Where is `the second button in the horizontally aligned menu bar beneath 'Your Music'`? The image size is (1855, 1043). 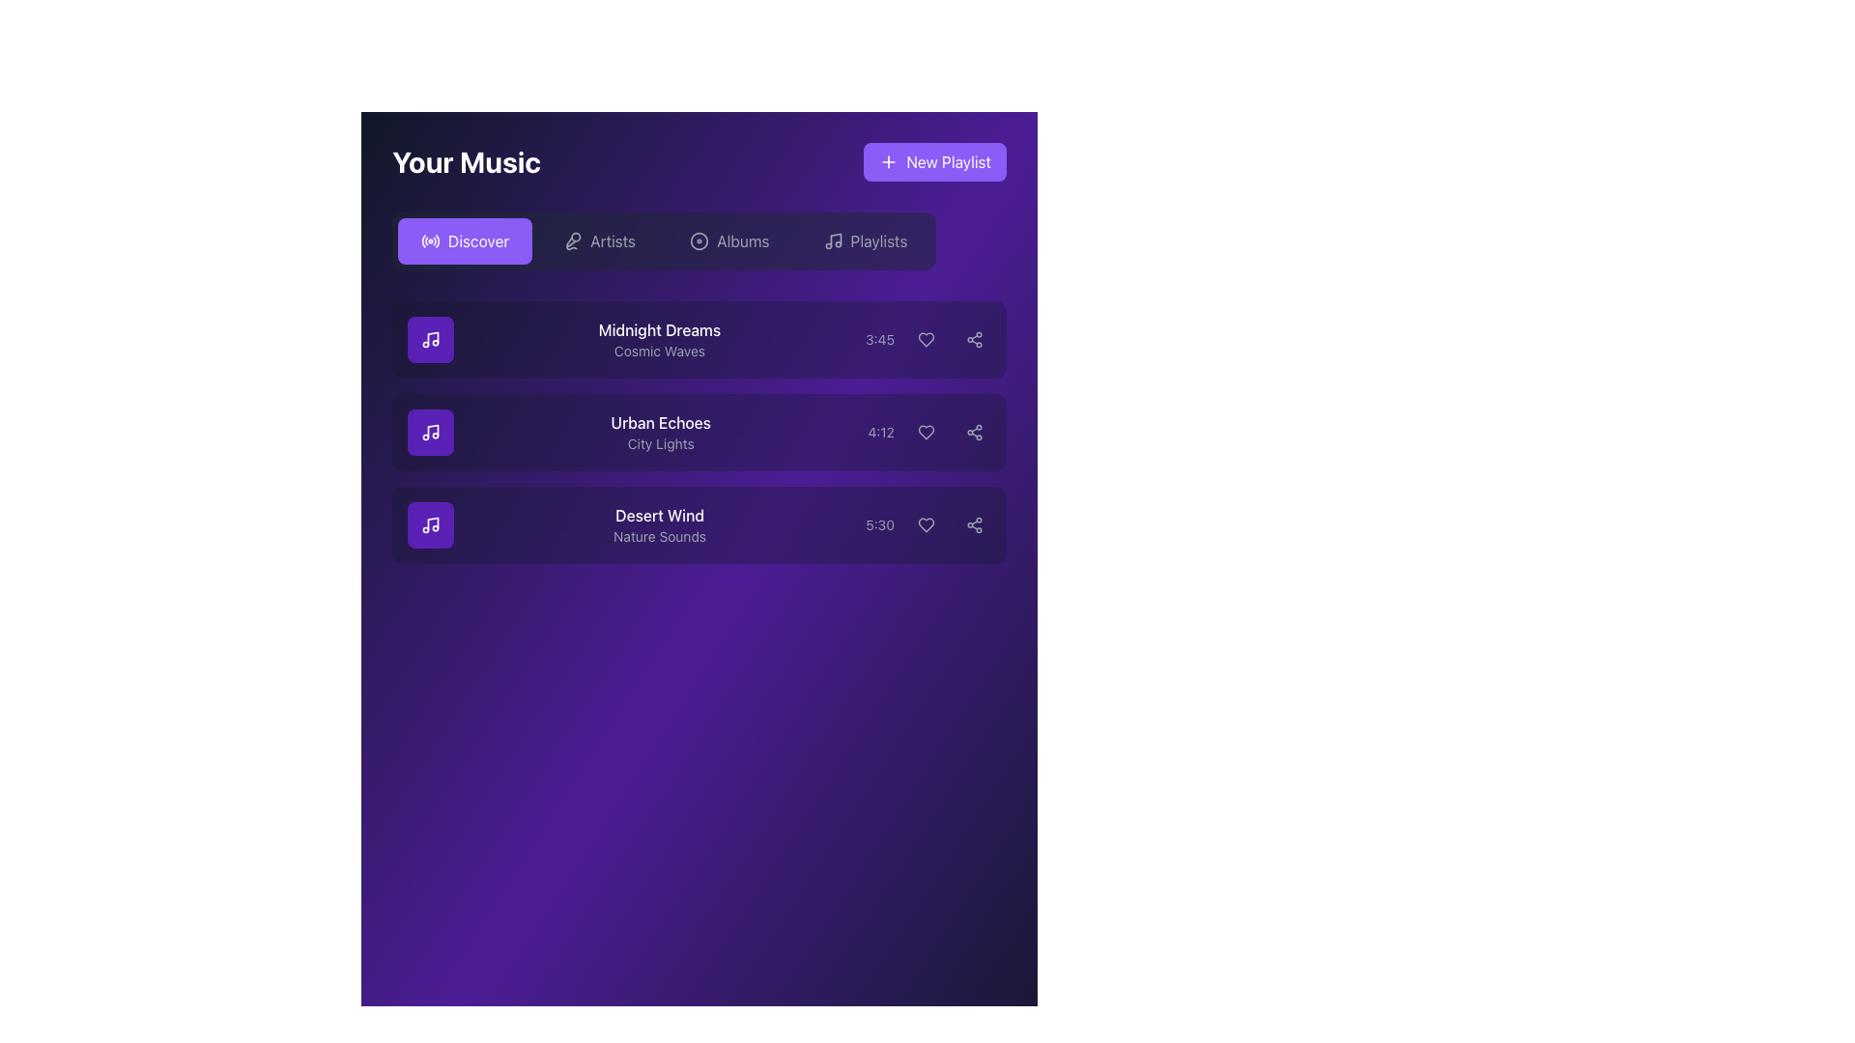
the second button in the horizontally aligned menu bar beneath 'Your Music' is located at coordinates (598, 240).